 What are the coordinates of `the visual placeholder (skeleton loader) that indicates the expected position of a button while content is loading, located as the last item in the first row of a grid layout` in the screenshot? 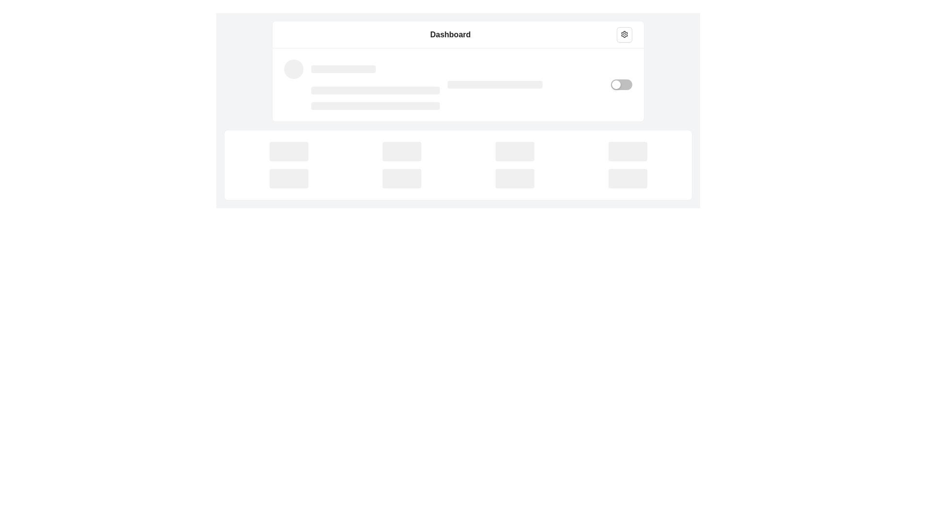 It's located at (627, 151).